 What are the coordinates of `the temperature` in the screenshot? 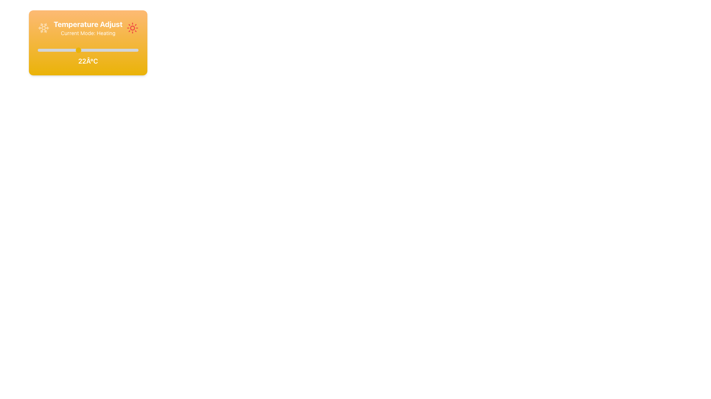 It's located at (121, 50).